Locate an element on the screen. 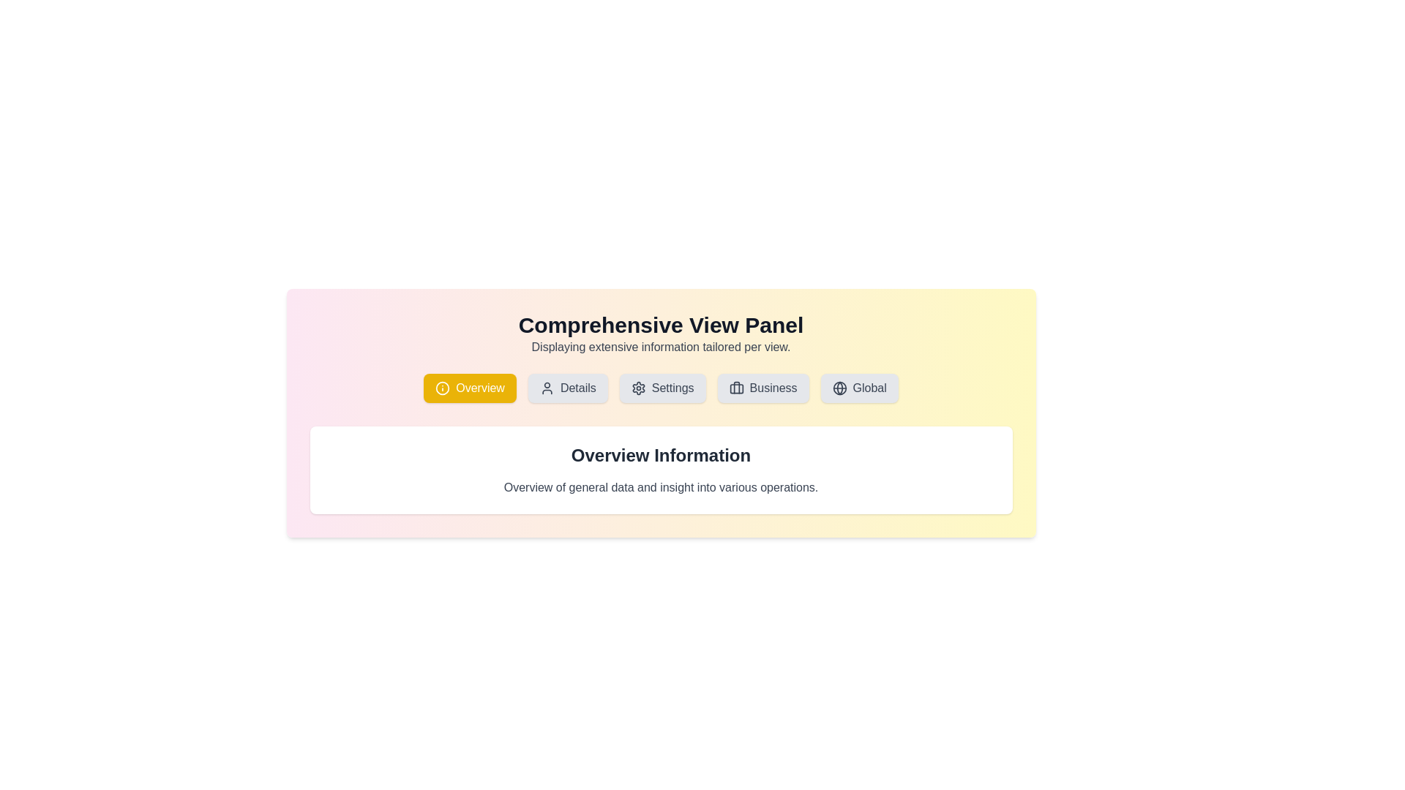  the button labeled 'Business' which is the fourth button in a row of buttons is located at coordinates (773, 388).